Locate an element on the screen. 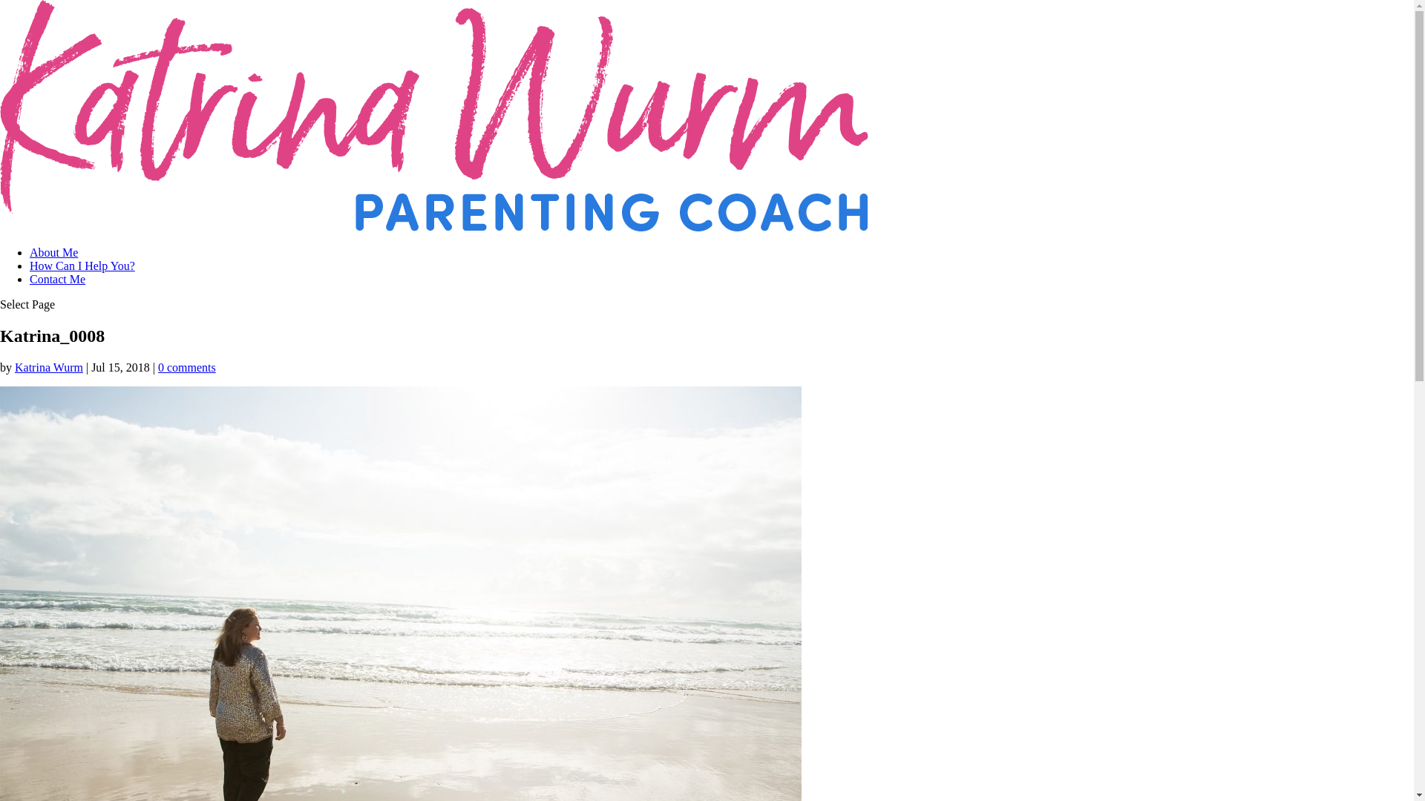  'Katrina Wurm' is located at coordinates (14, 367).